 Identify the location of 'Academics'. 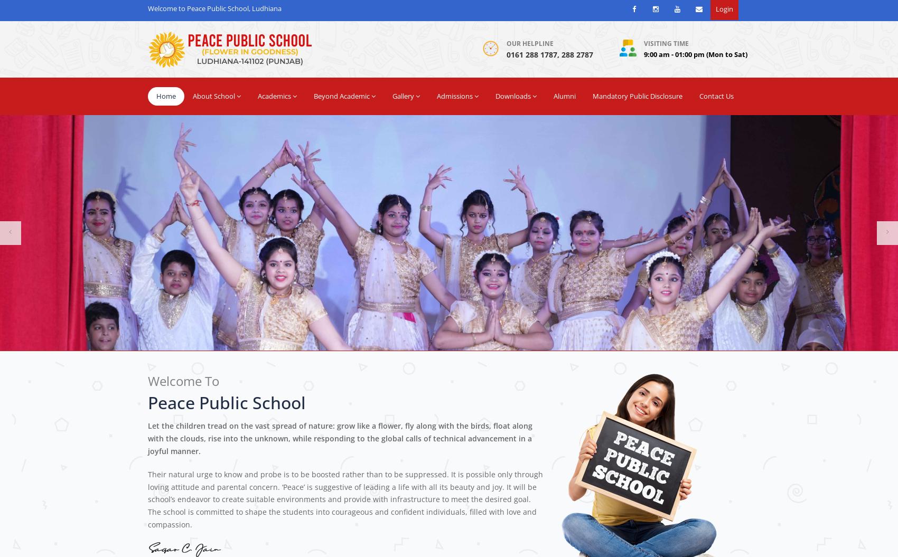
(258, 95).